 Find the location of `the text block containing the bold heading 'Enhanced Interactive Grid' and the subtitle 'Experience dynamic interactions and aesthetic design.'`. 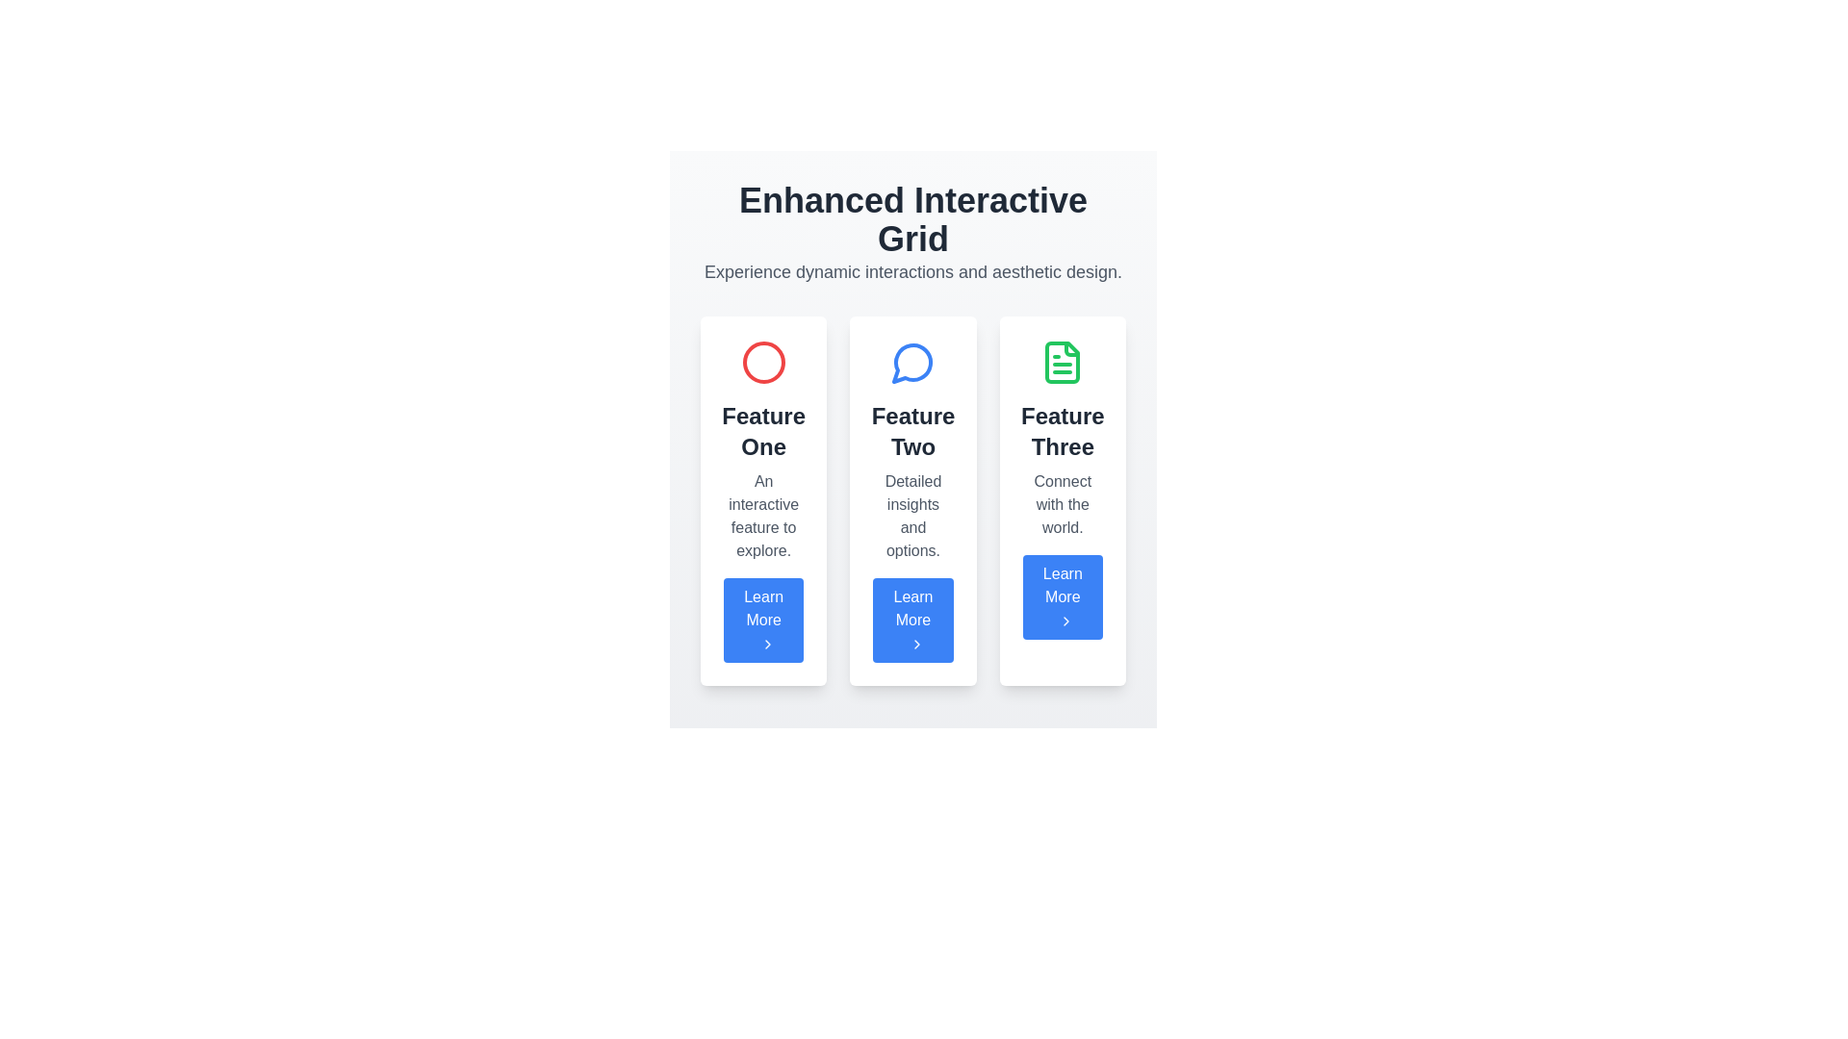

the text block containing the bold heading 'Enhanced Interactive Grid' and the subtitle 'Experience dynamic interactions and aesthetic design.' is located at coordinates (912, 233).